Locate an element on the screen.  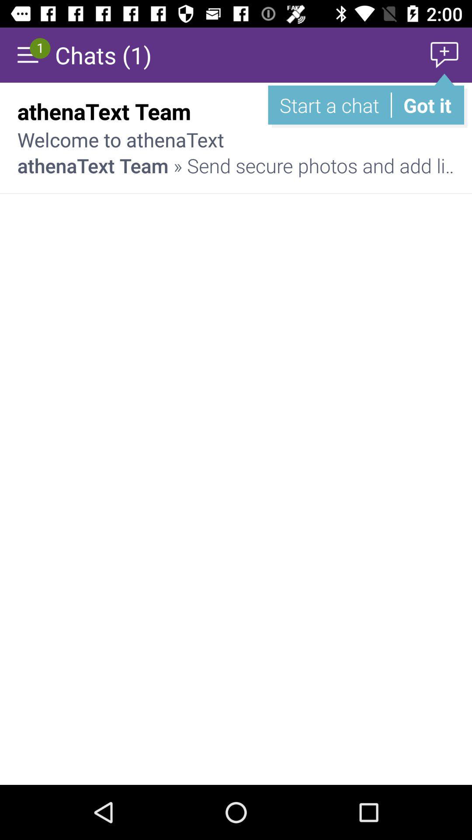
the icon next to the athenatext team item is located at coordinates (423, 111).